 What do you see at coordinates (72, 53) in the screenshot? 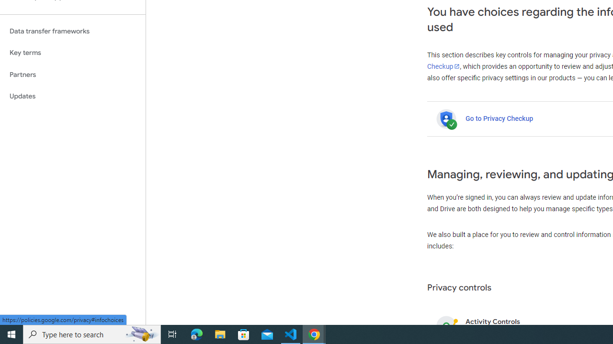
I see `'Key terms'` at bounding box center [72, 53].